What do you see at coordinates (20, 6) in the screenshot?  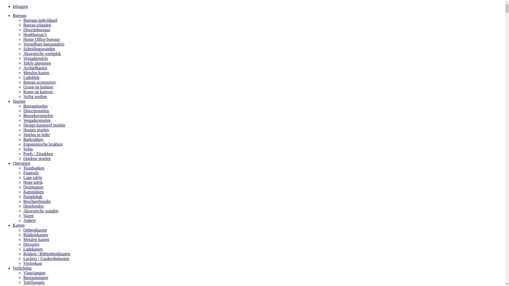 I see `'Inloggen'` at bounding box center [20, 6].